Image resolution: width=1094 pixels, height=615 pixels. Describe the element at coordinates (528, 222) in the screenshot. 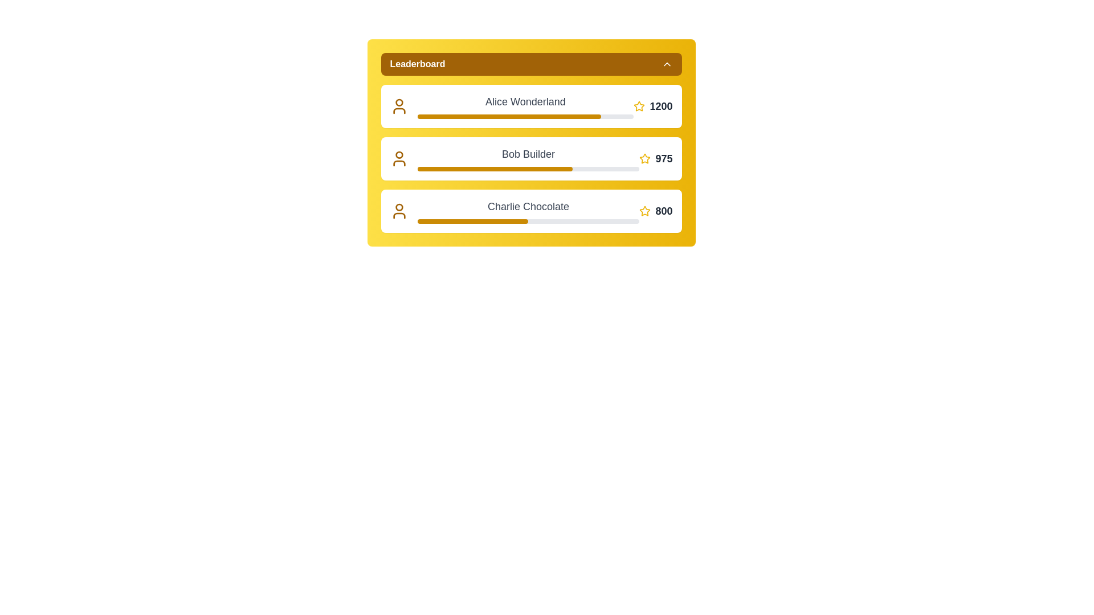

I see `the progress level visually represented by the horizontal yellow progress bar located beneath the 'Charlie Chocolate' label in the scorecard of the leaderboard widget` at that location.